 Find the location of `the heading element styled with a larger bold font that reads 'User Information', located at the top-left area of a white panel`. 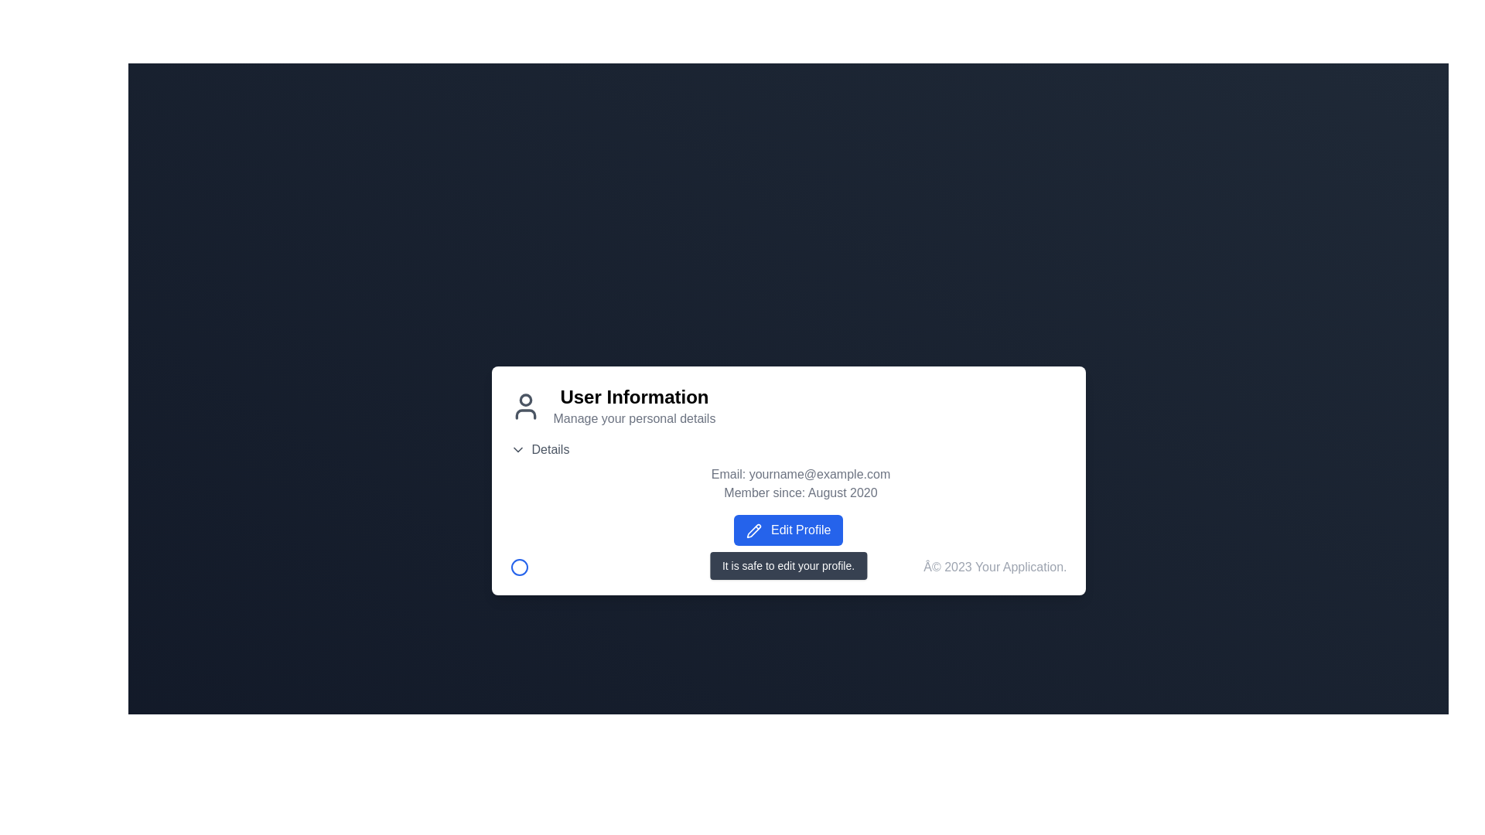

the heading element styled with a larger bold font that reads 'User Information', located at the top-left area of a white panel is located at coordinates (634, 396).